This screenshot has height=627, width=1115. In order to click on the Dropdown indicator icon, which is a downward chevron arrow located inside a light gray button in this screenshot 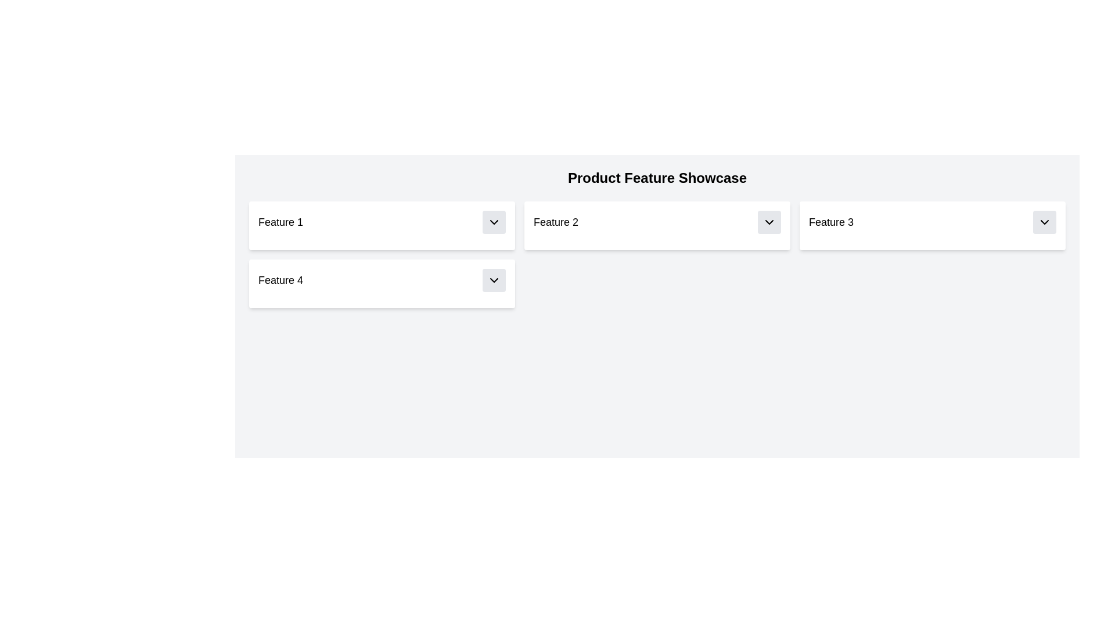, I will do `click(769, 222)`.